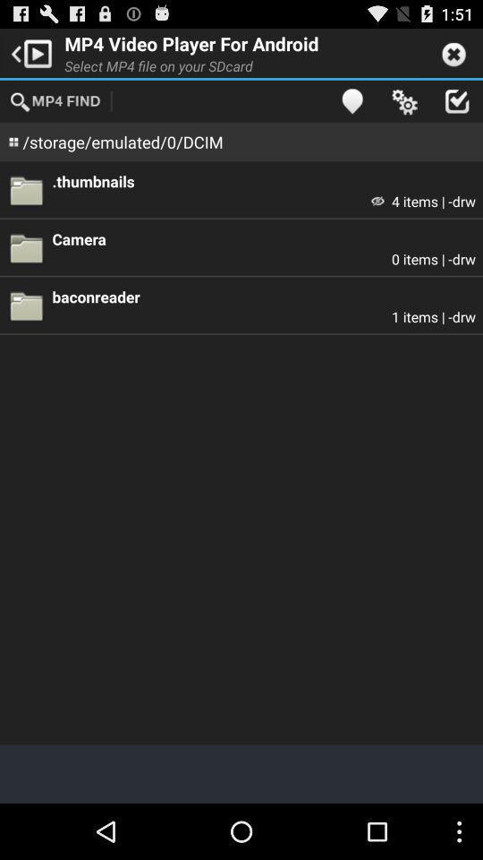 Image resolution: width=483 pixels, height=860 pixels. I want to click on icon to the left of the mp4 video player app, so click(28, 51).